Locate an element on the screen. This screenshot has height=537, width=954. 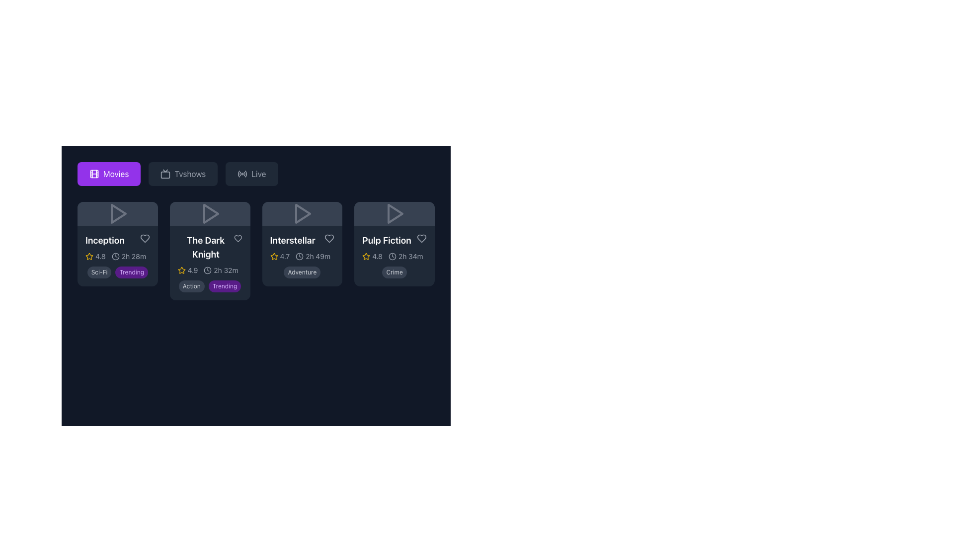
the numeric rating '4.7' displayed alongside the yellow star icon in the third card labeled 'Interstellar', located at the bottom-left corner of the card is located at coordinates (279, 256).